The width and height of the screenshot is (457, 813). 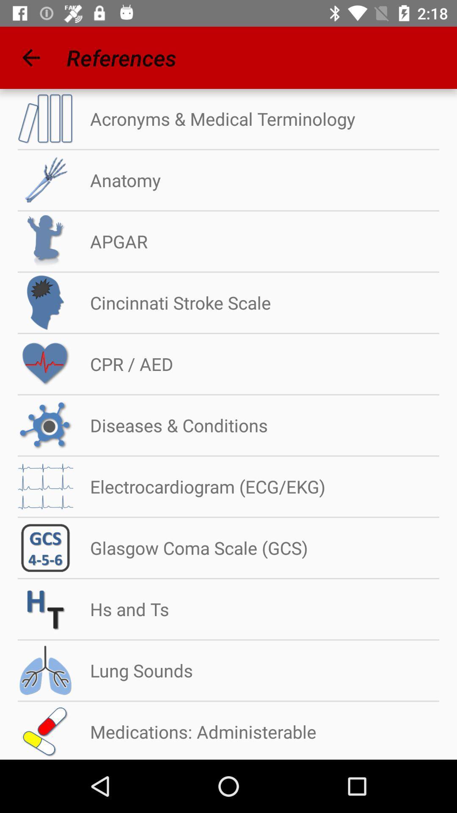 I want to click on icon next to references app, so click(x=30, y=57).